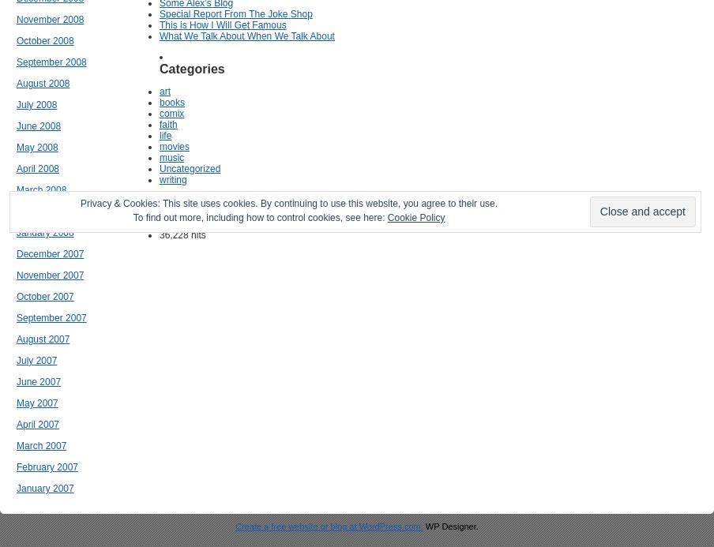  Describe the element at coordinates (190, 68) in the screenshot. I see `'Categories'` at that location.